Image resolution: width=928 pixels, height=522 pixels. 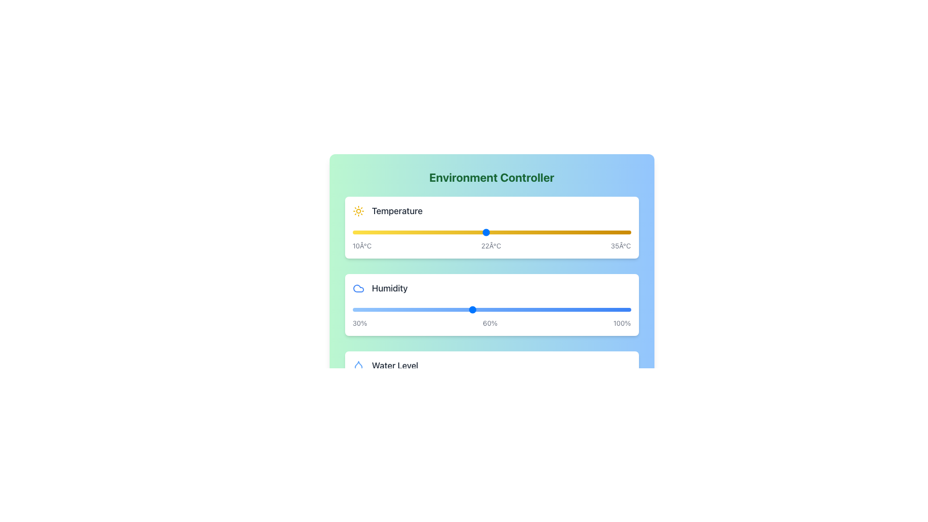 What do you see at coordinates (598, 309) in the screenshot?
I see `humidity` at bounding box center [598, 309].